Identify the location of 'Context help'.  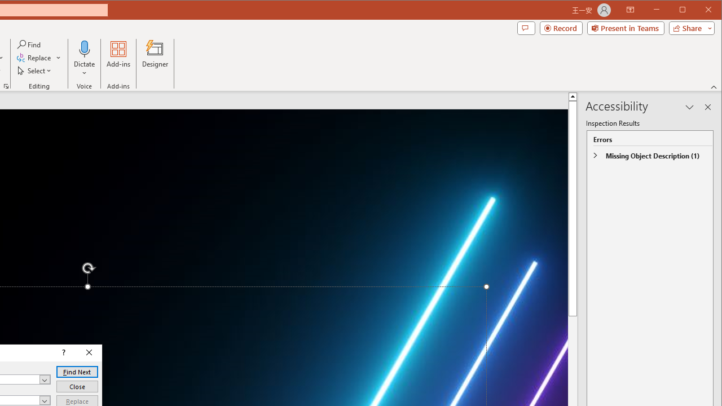
(62, 352).